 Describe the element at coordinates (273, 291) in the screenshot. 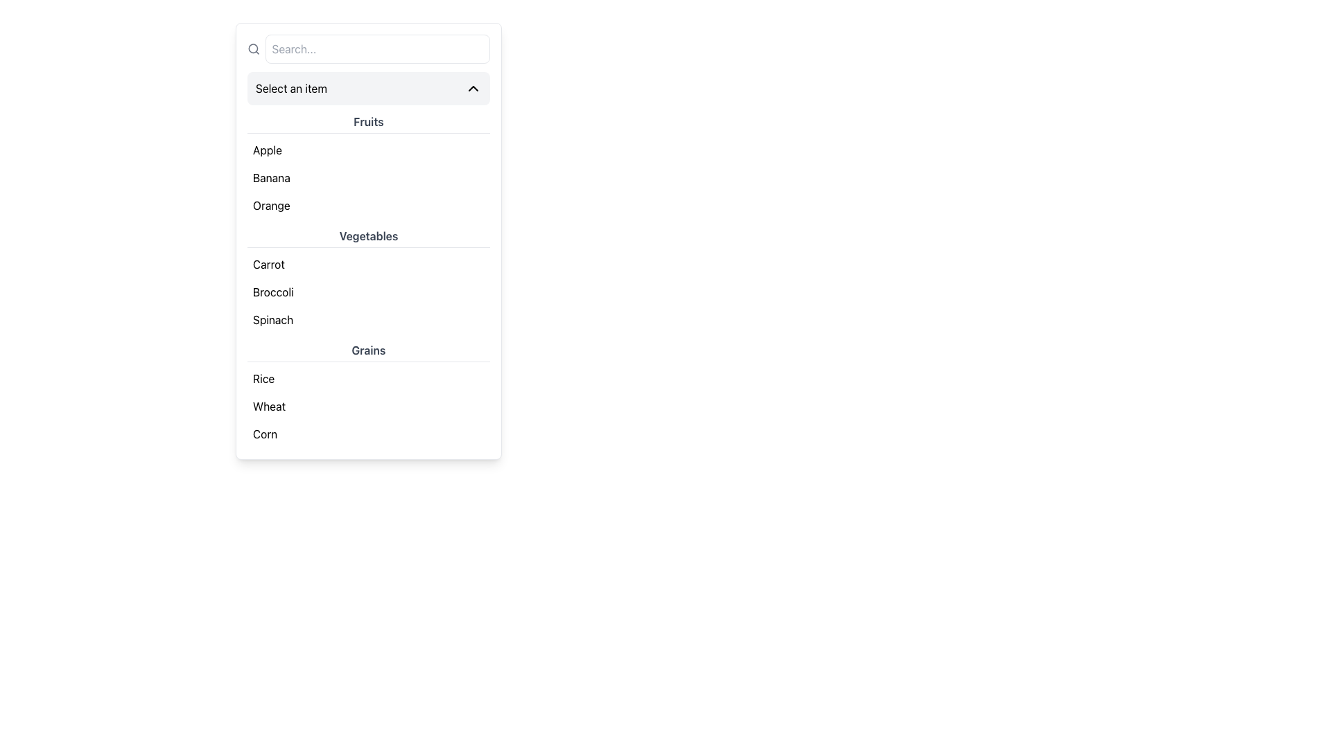

I see `the 'Broccoli' text label located in the dropdown menu under the 'Vegetables' category` at that location.